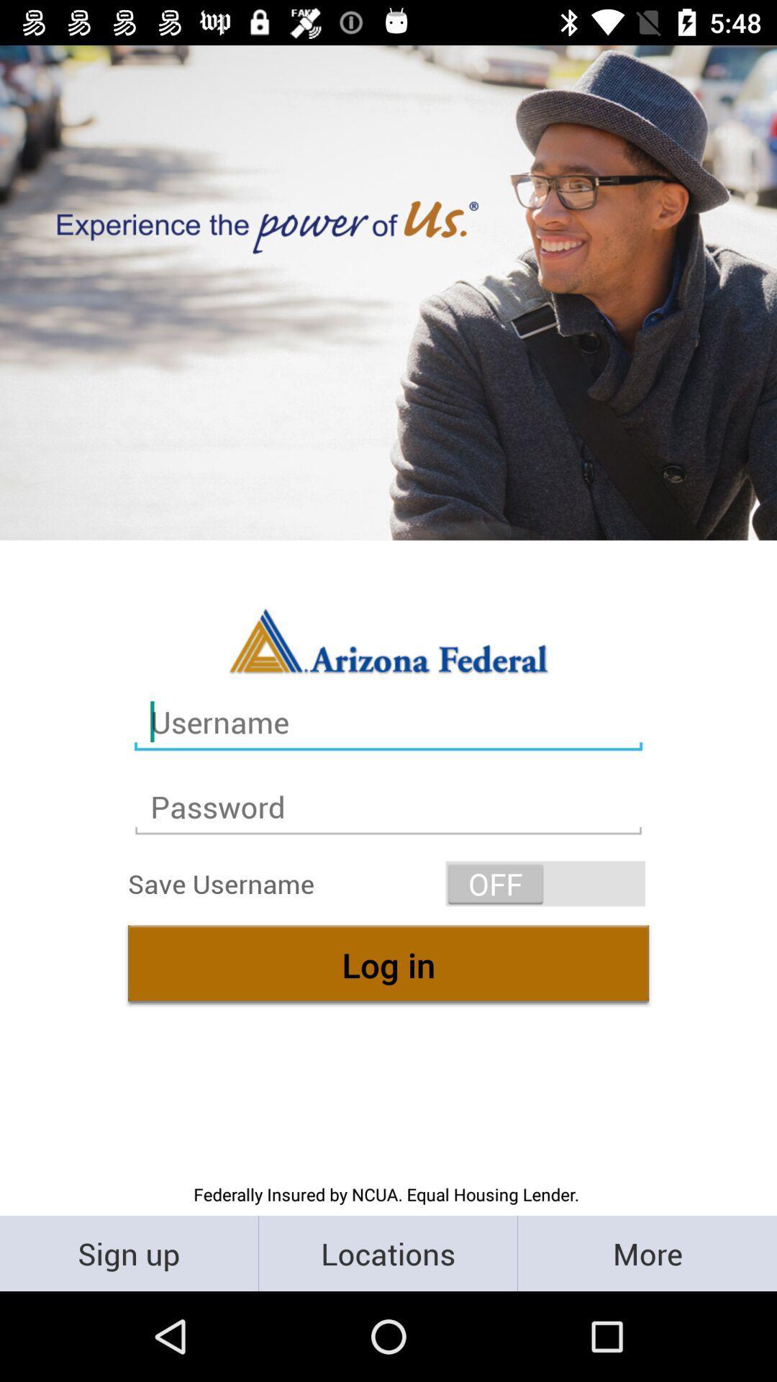  I want to click on locations icon, so click(387, 1252).